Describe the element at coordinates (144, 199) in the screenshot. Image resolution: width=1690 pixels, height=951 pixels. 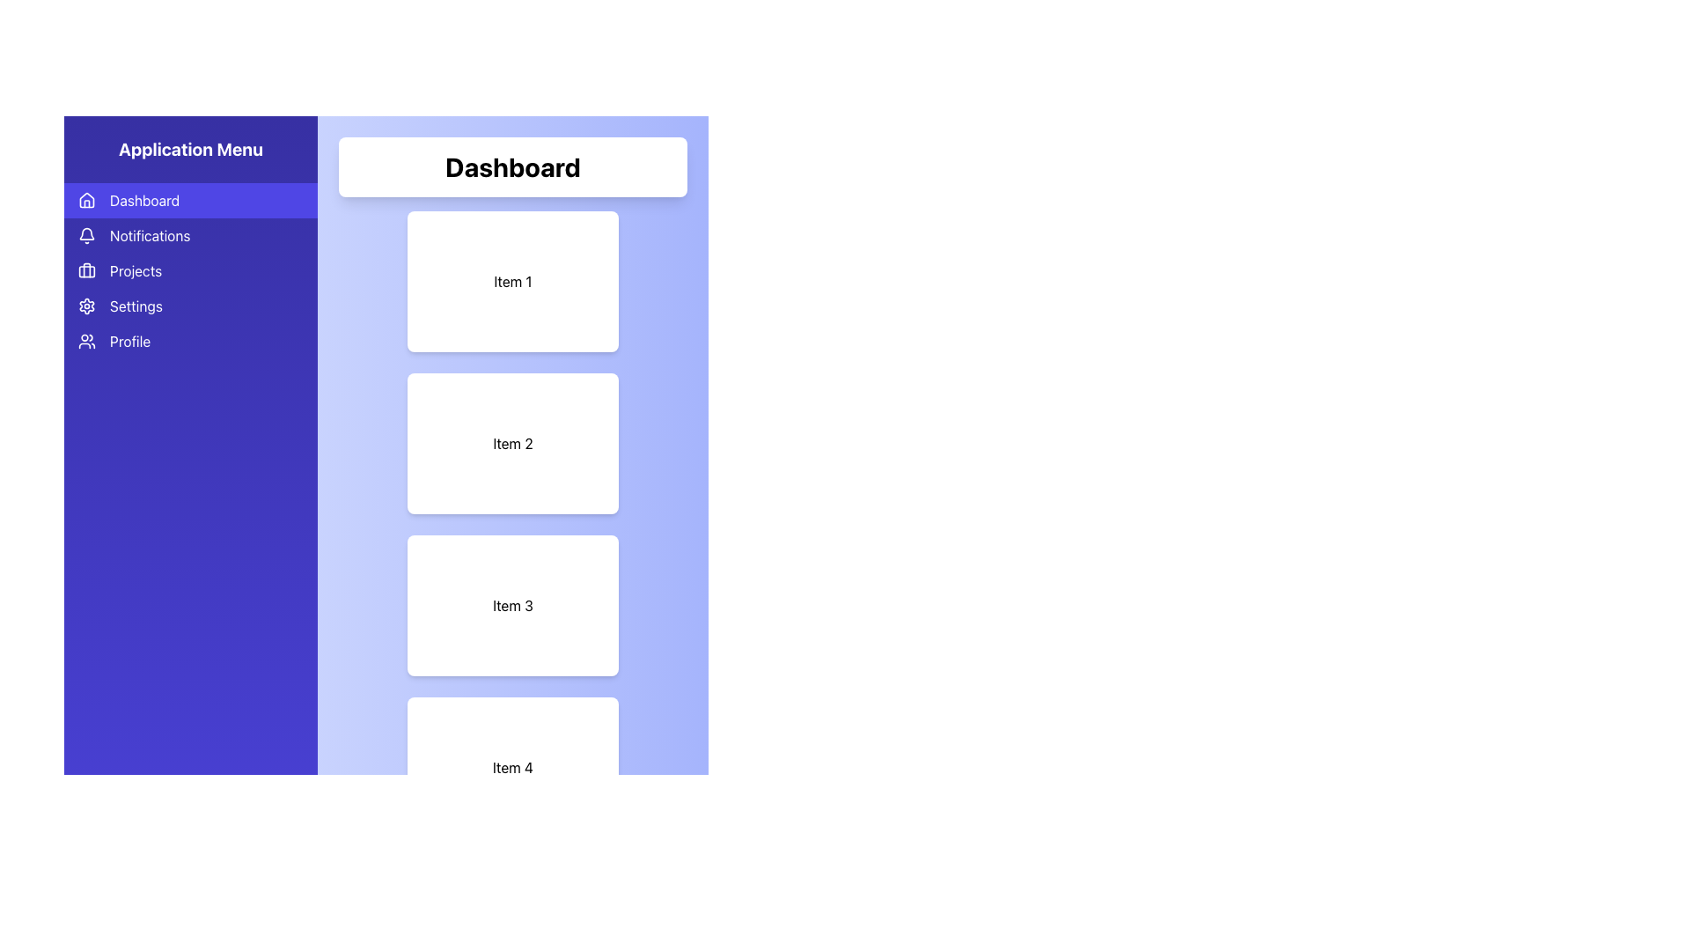
I see `the 'Dashboard' static text label in the left sidebar menu, which is styled with a bold font and highlighted by a blue rectangle indicating the selected state` at that location.